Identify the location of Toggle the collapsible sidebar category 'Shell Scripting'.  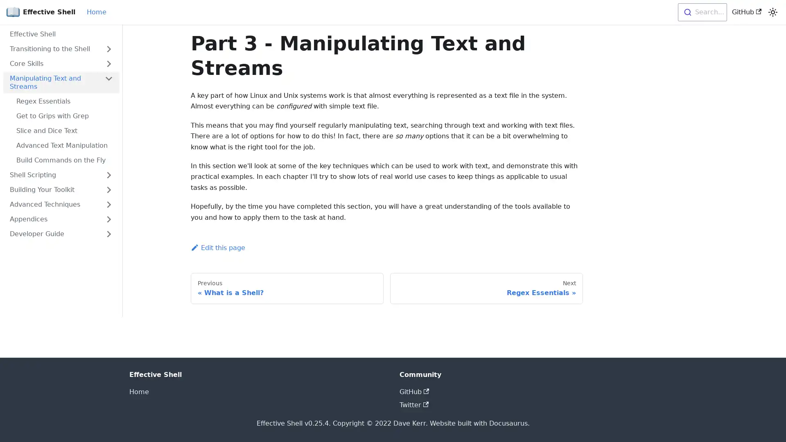
(108, 175).